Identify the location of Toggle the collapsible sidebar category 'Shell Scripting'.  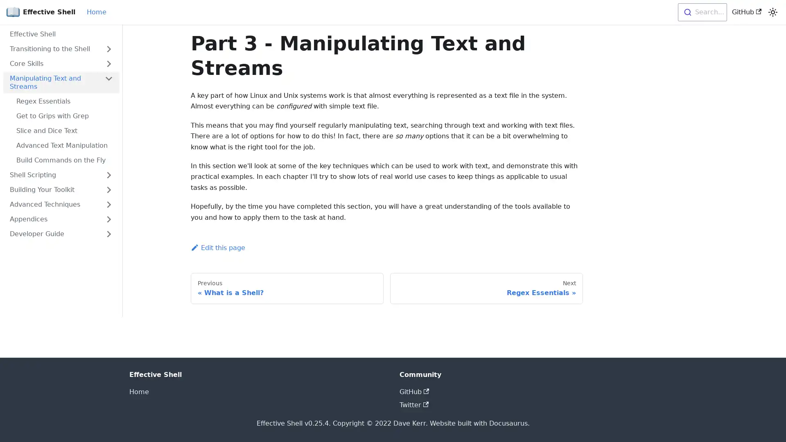
(108, 175).